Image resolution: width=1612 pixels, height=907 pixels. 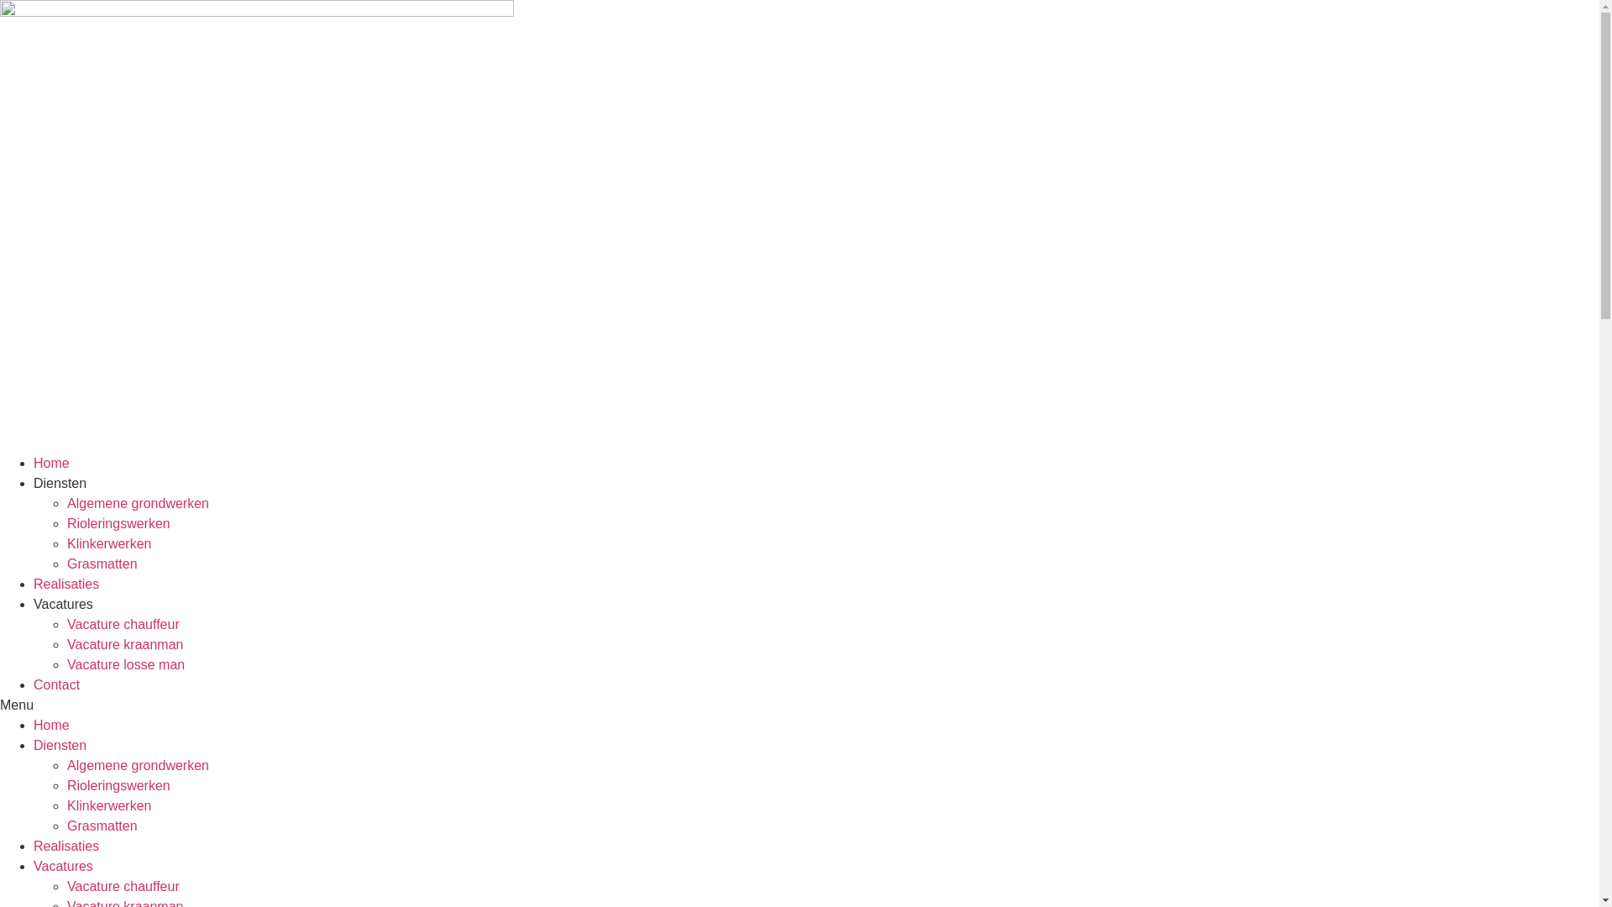 I want to click on 'Vacature chauffeur', so click(x=123, y=624).